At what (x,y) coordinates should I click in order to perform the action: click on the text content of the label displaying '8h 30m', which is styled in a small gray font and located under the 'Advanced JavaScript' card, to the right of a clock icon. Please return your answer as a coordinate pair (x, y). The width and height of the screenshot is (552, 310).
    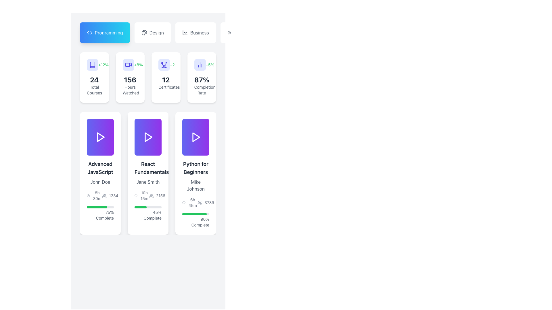
    Looking at the image, I should click on (97, 195).